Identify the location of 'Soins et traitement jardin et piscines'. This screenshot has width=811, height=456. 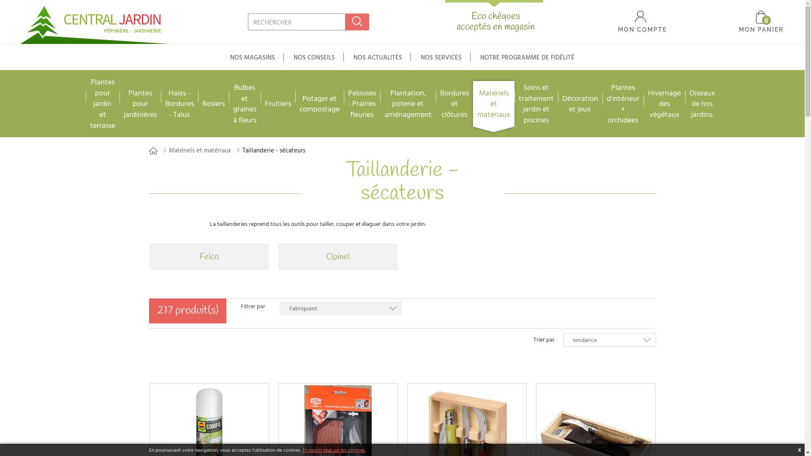
(536, 103).